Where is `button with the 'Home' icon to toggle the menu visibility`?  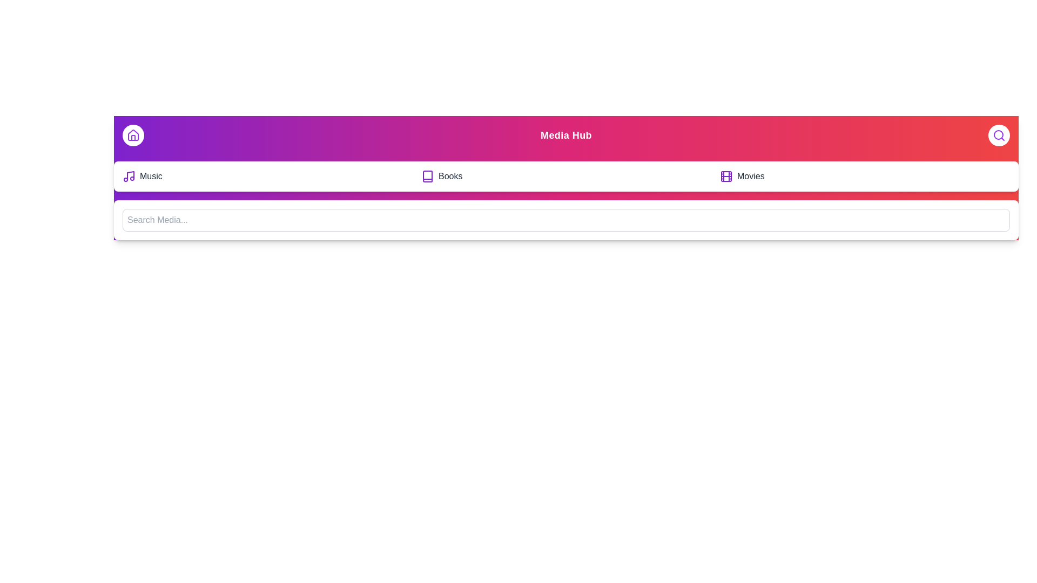
button with the 'Home' icon to toggle the menu visibility is located at coordinates (132, 134).